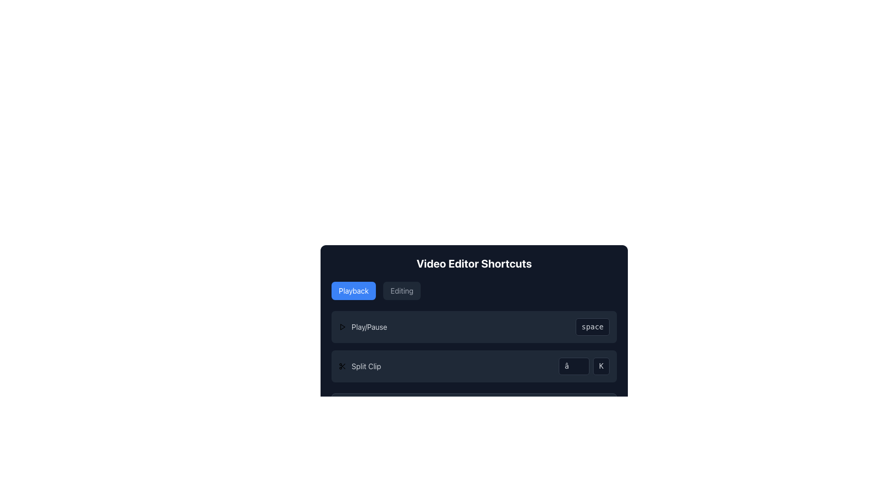 This screenshot has width=878, height=494. Describe the element at coordinates (593, 326) in the screenshot. I see `the button labeled 'space' with a dark gray background and light gray text, located to the right of the 'Play/Pause' label in the 'Video Editor Shortcuts' section` at that location.